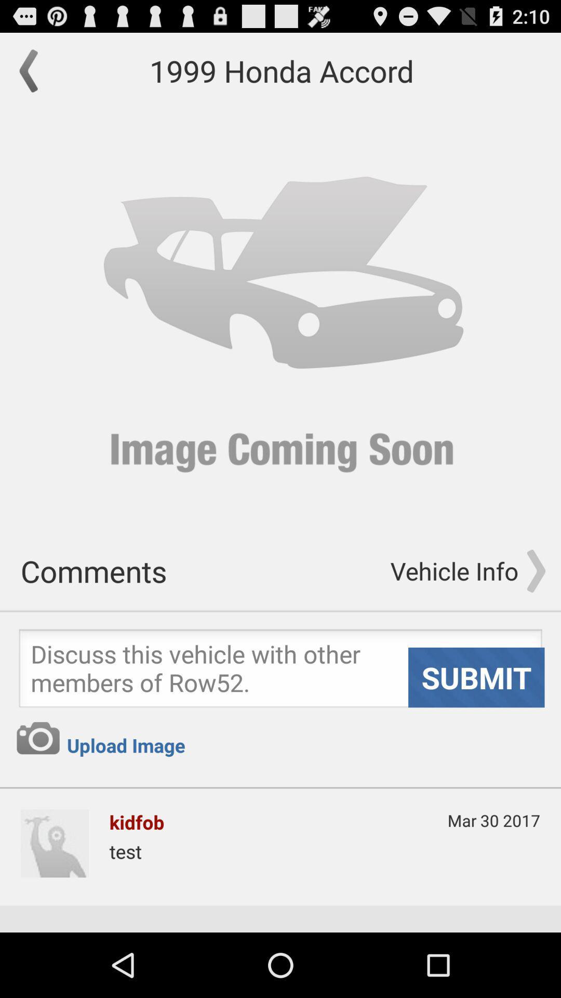 This screenshot has width=561, height=998. What do you see at coordinates (37, 738) in the screenshot?
I see `the item next to upload image icon` at bounding box center [37, 738].